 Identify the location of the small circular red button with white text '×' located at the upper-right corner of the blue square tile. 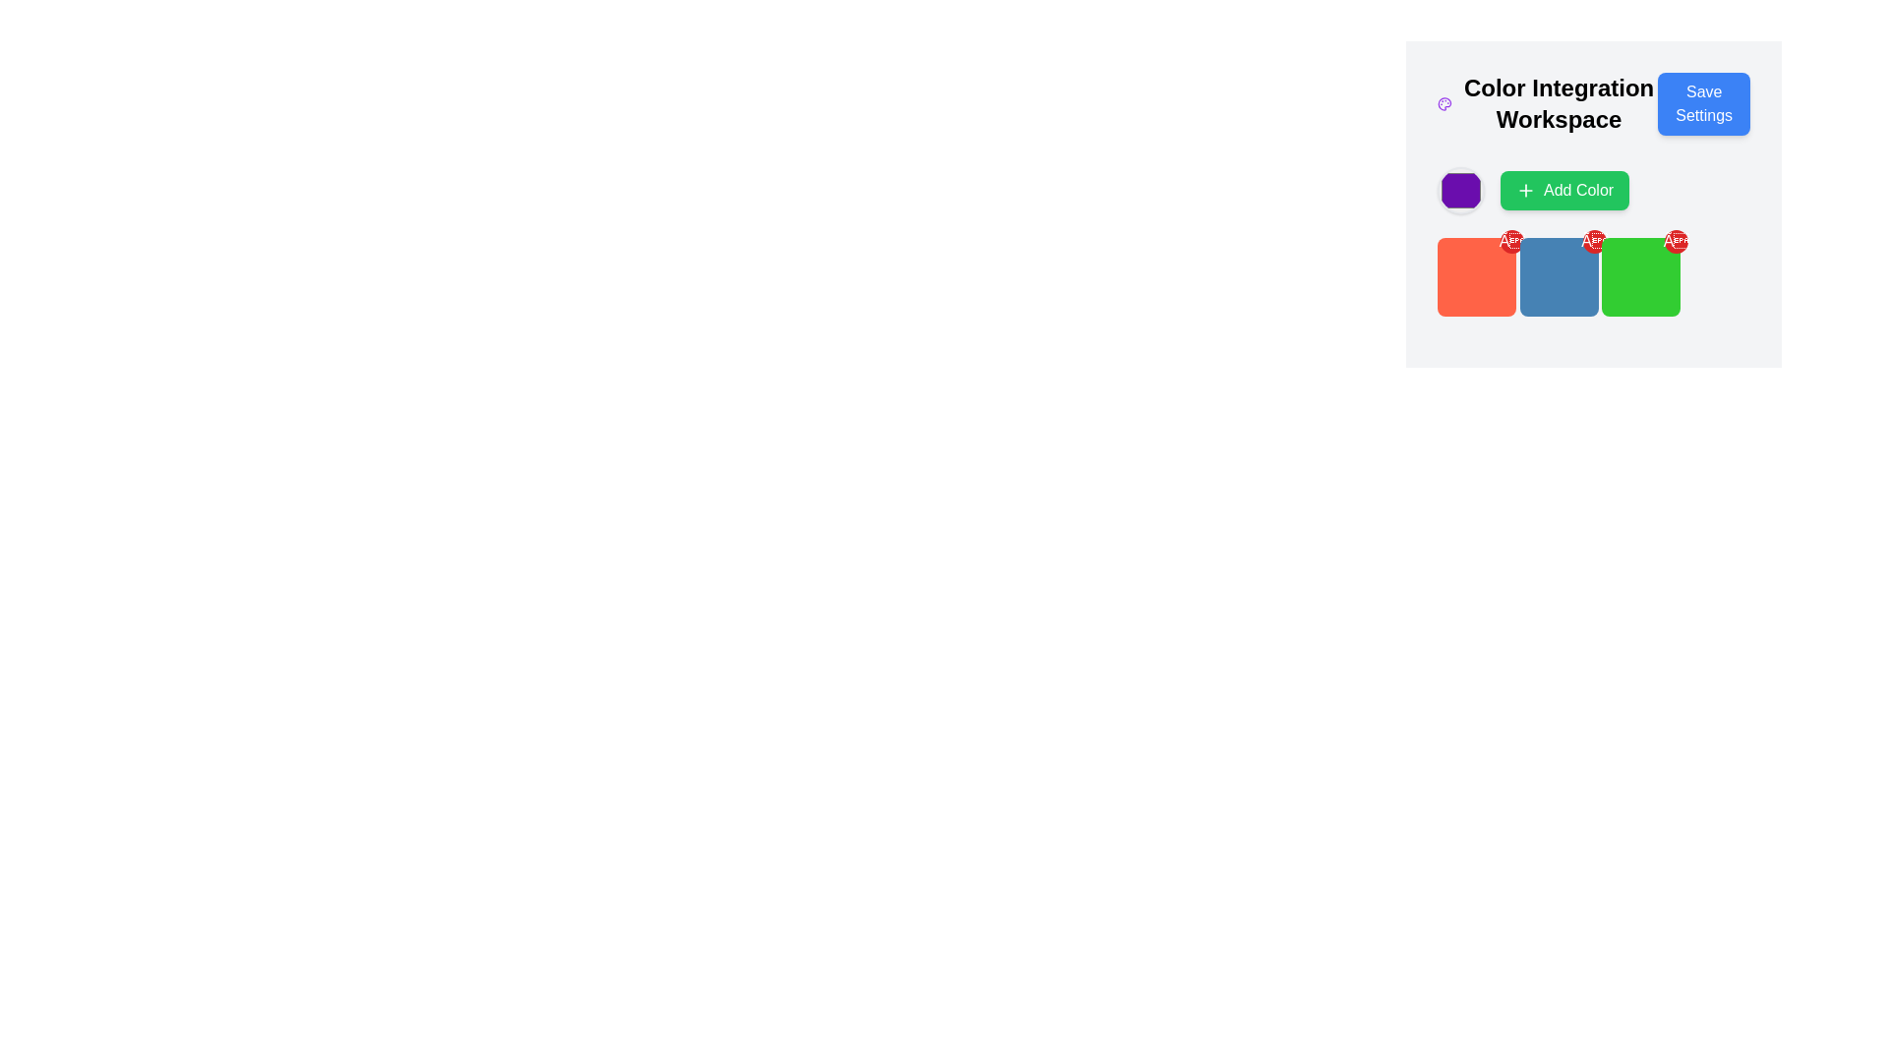
(1594, 241).